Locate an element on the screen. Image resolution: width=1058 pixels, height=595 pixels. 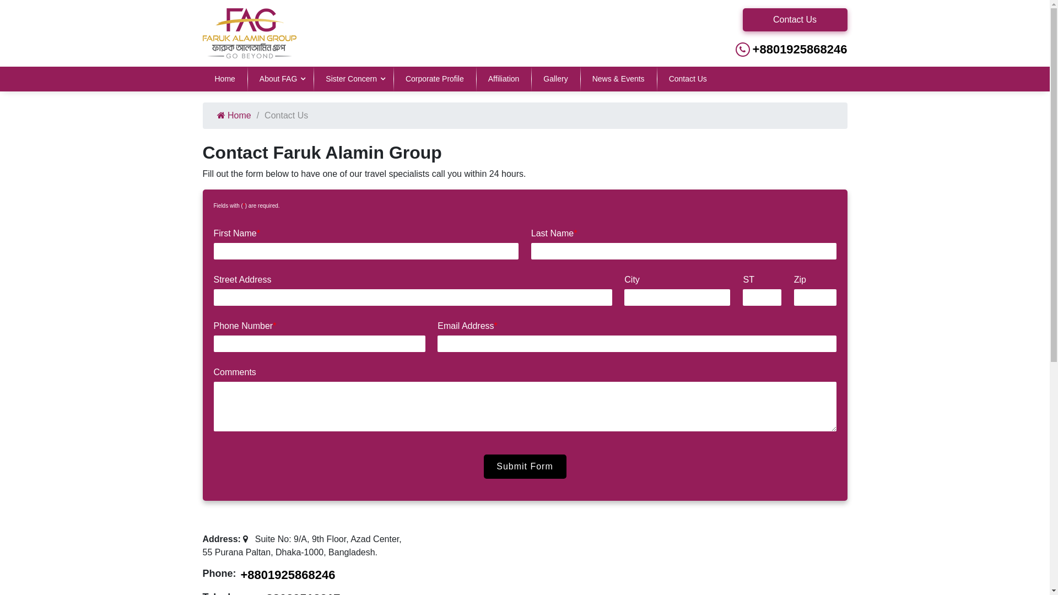
'Gallery' is located at coordinates (555, 78).